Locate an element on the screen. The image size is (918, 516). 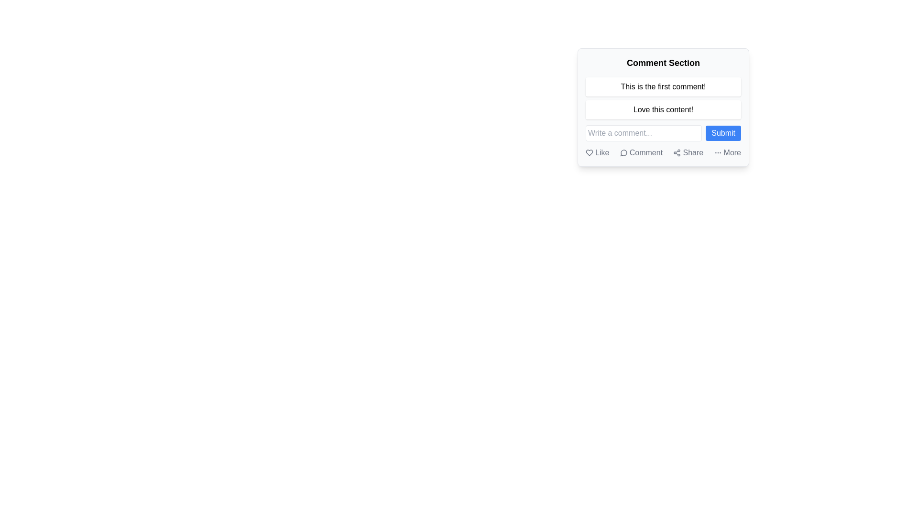
the 'Share' text label located to the right of the share icon in the comment section interface is located at coordinates (693, 152).